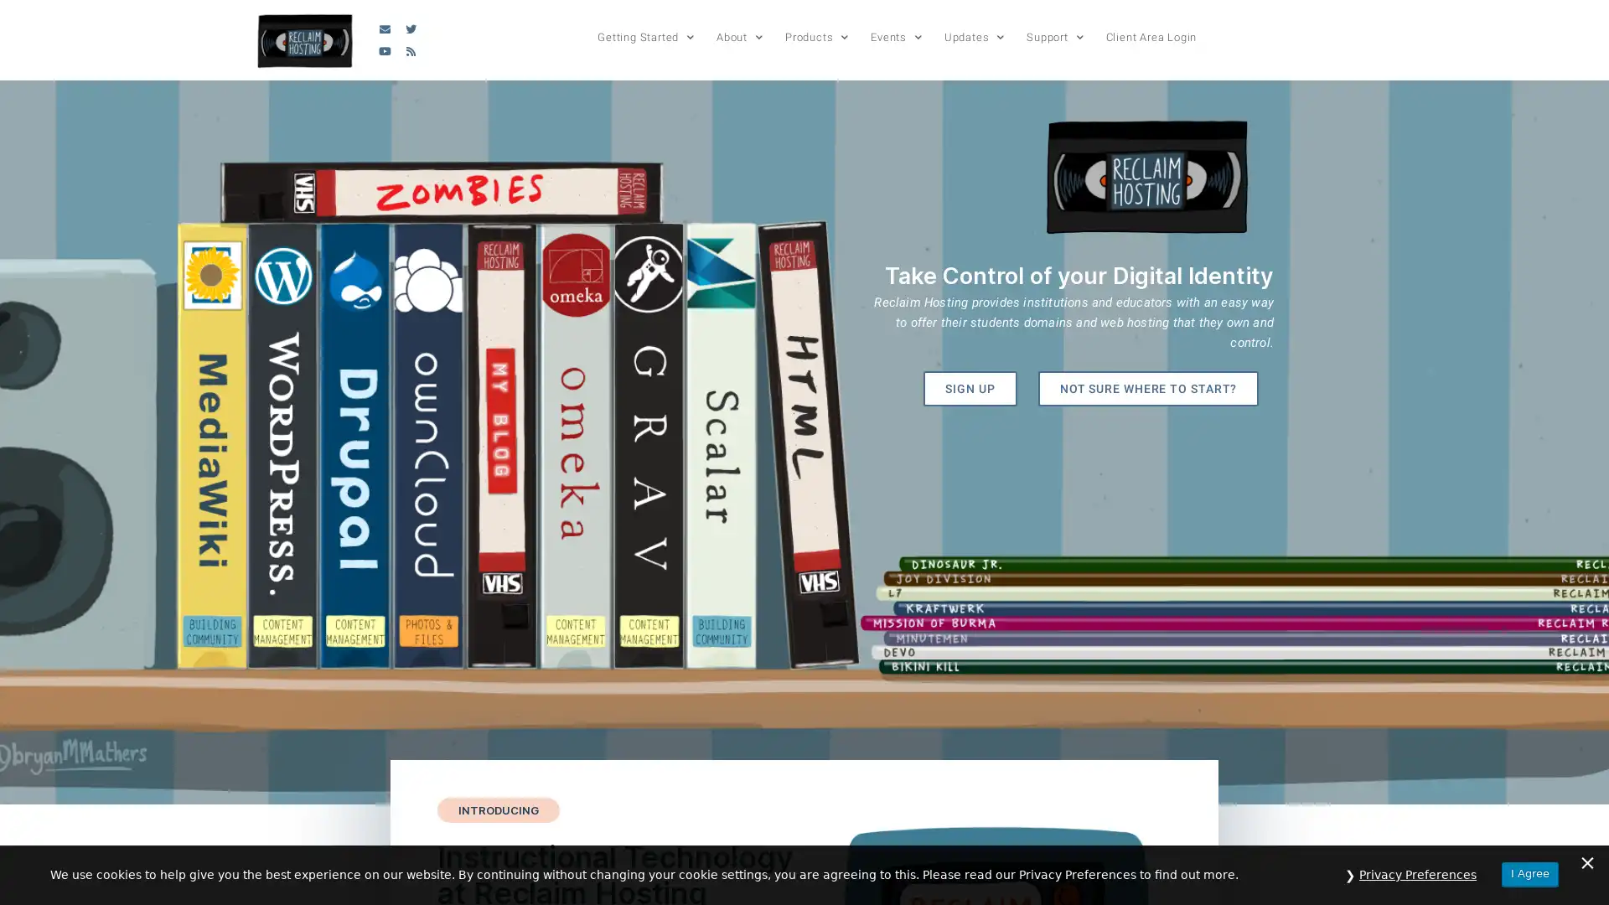  Describe the element at coordinates (1417, 874) in the screenshot. I see `Privacy Preferences` at that location.